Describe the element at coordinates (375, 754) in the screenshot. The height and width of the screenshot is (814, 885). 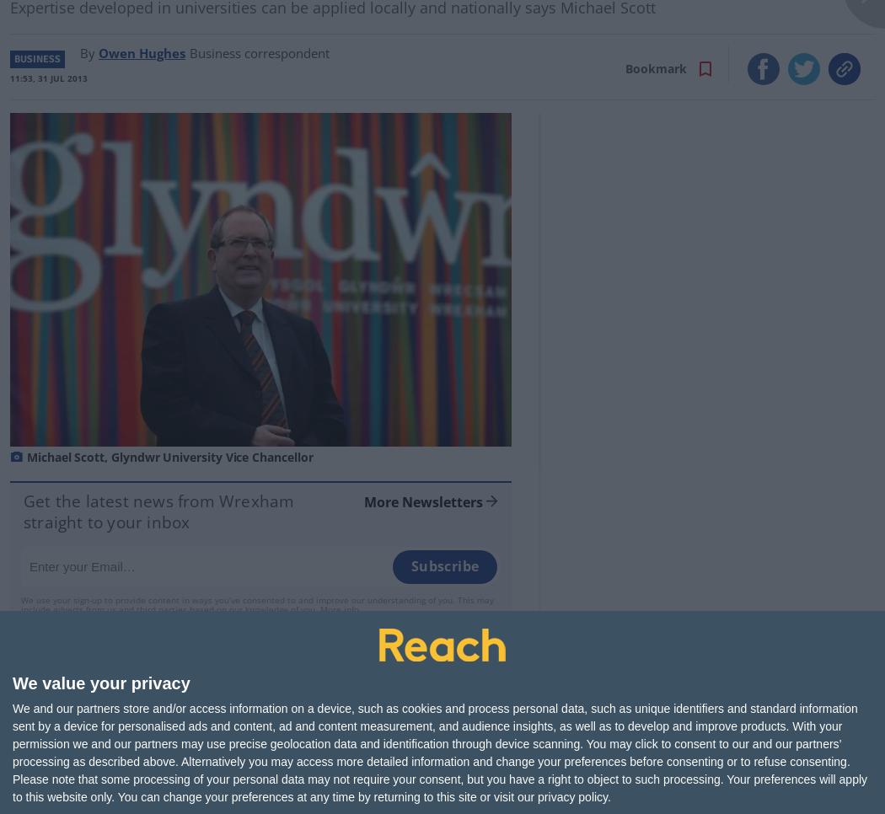
I see `'Story Saved'` at that location.